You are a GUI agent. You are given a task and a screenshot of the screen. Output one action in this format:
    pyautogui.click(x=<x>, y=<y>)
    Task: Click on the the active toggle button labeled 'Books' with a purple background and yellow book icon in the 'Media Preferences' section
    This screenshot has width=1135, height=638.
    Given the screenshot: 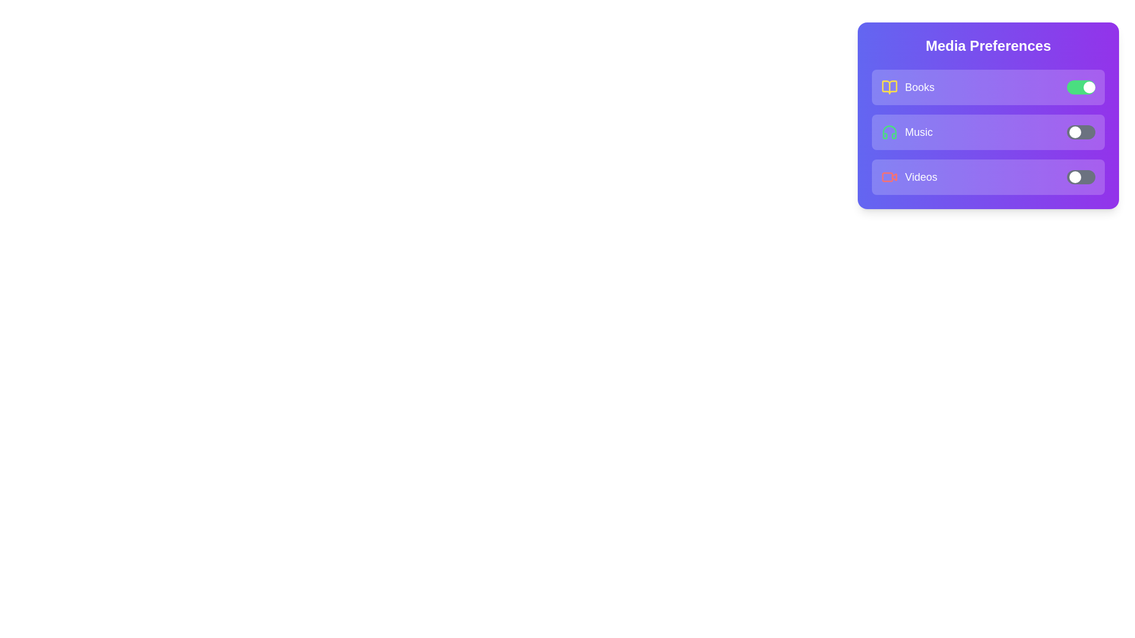 What is the action you would take?
    pyautogui.click(x=988, y=86)
    